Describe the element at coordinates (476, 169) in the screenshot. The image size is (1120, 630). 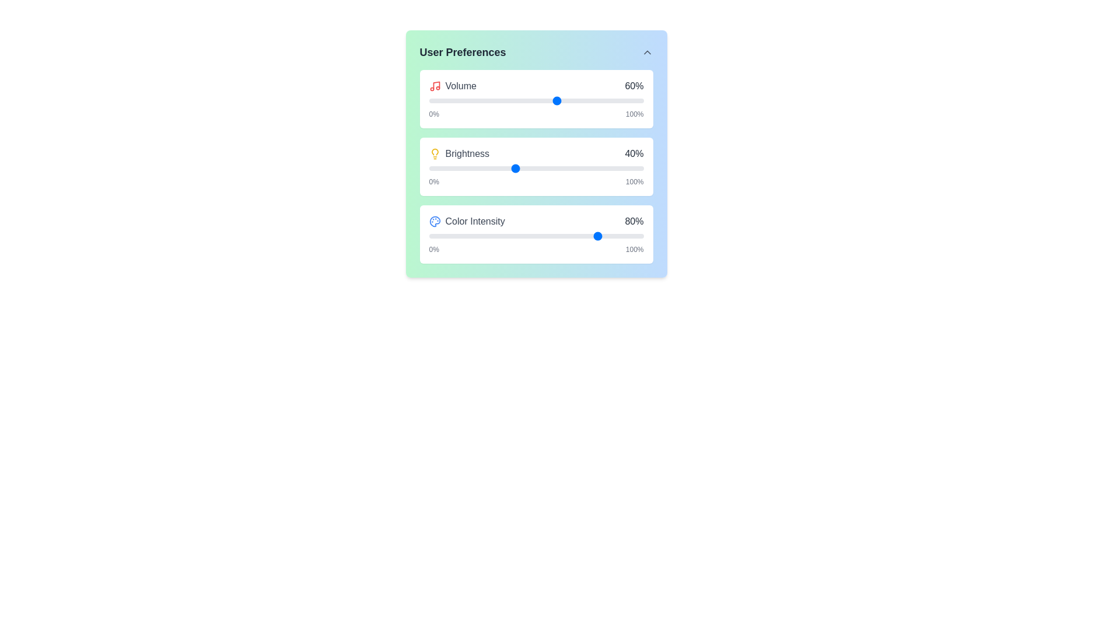
I see `the brightness level` at that location.